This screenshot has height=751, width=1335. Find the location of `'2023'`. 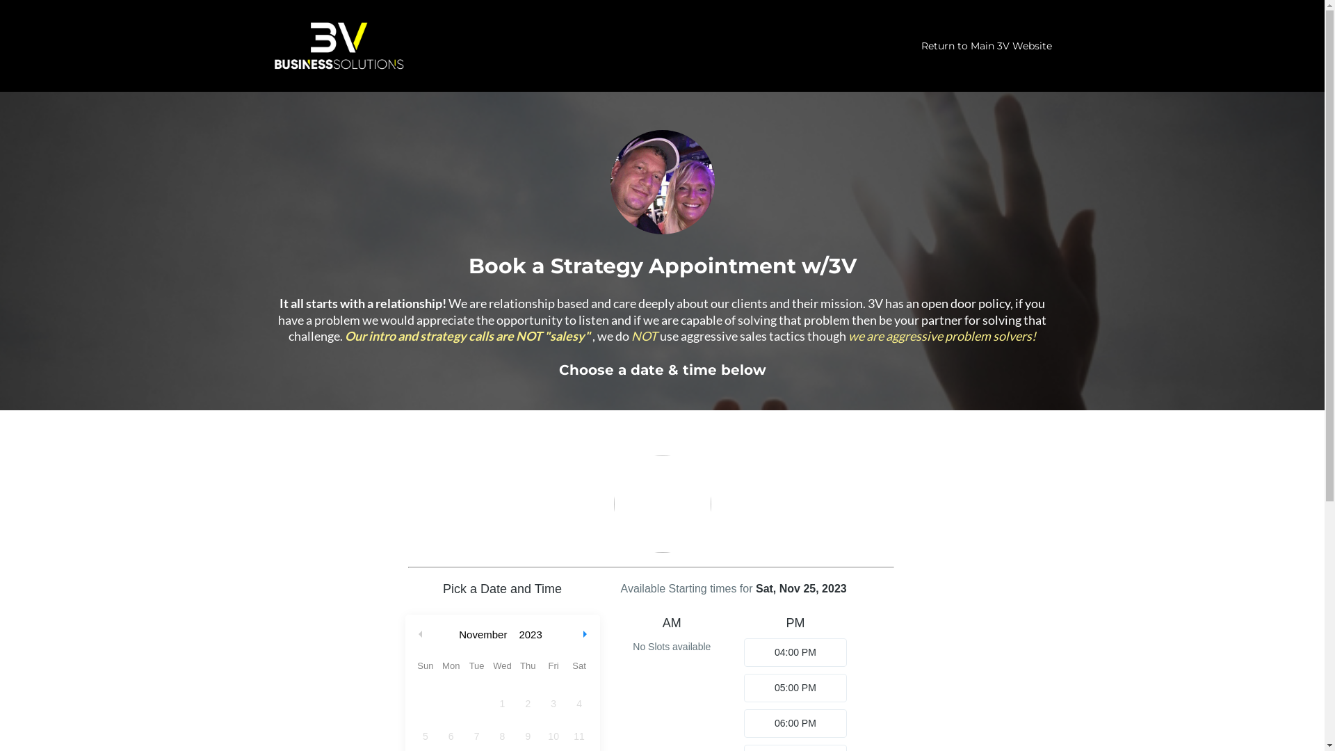

'2023' is located at coordinates (513, 634).